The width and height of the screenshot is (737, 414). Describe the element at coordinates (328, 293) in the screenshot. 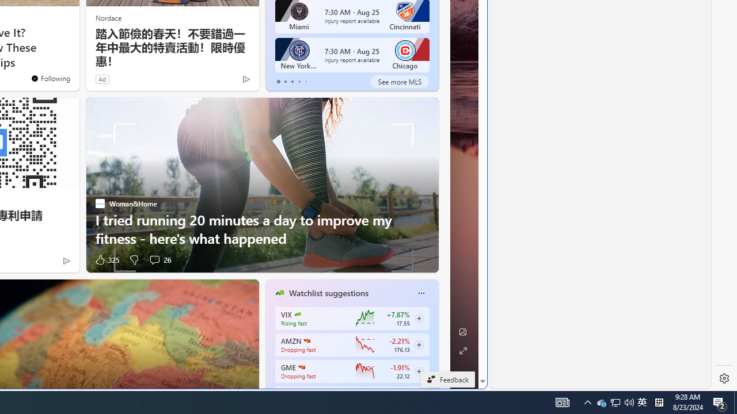

I see `'Watchlist suggestions'` at that location.